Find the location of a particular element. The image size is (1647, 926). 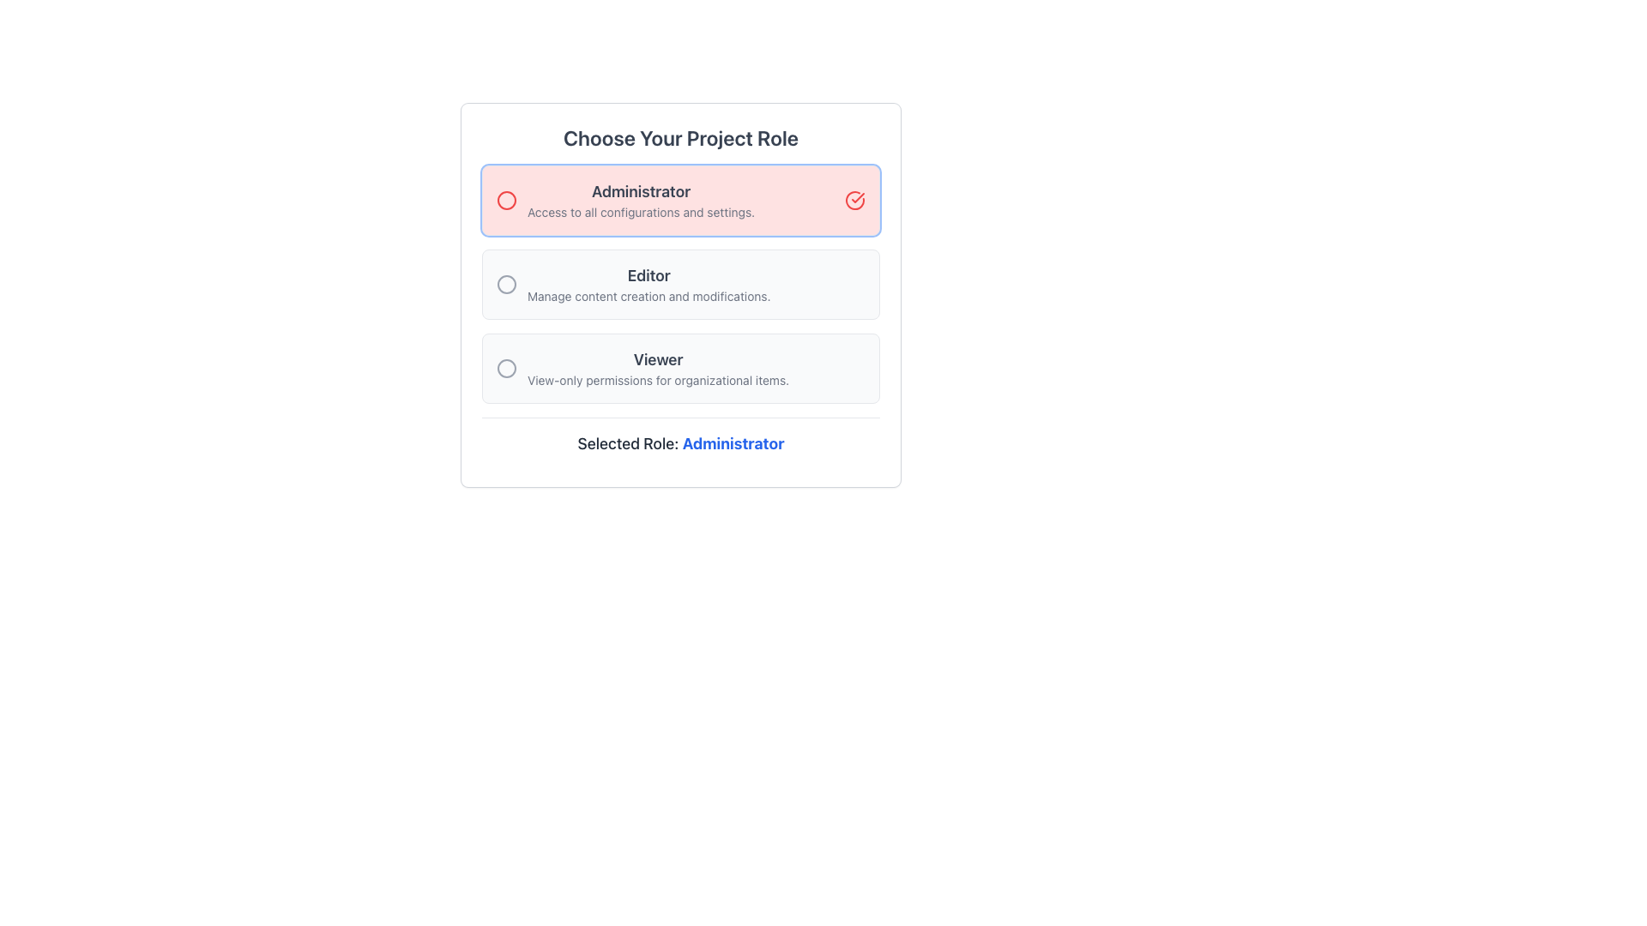

the Text label that displays 'Editor' and 'Manage content creation and modifications.' positioned as the second option in a vertical list is located at coordinates (648, 283).